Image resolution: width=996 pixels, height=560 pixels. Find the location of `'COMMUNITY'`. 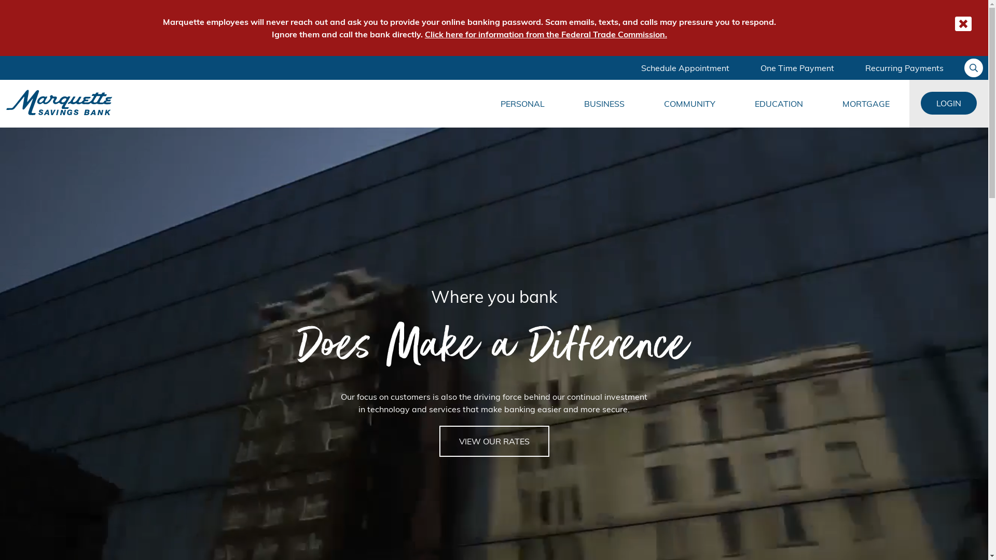

'COMMUNITY' is located at coordinates (689, 104).